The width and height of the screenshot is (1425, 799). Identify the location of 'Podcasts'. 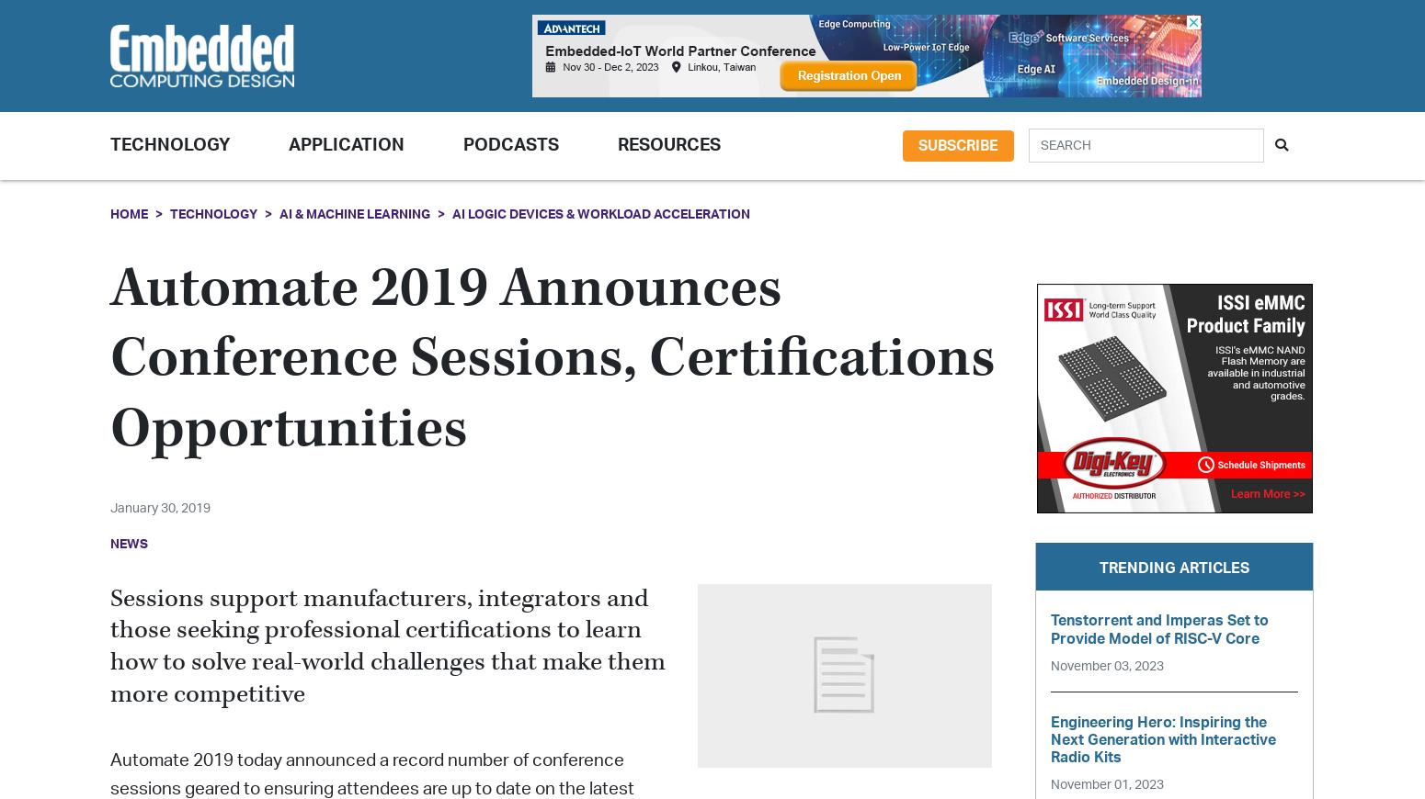
(462, 144).